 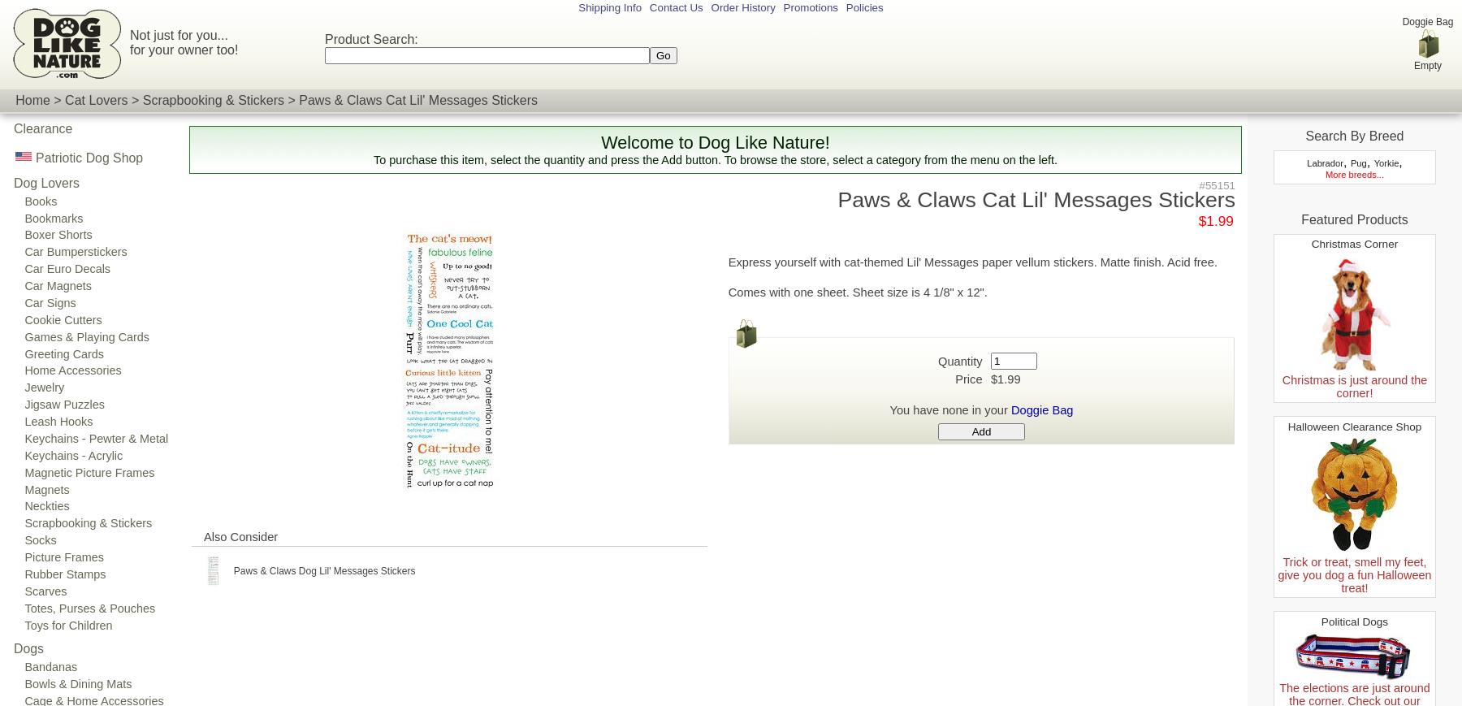 I want to click on '#55151', so click(x=1217, y=184).